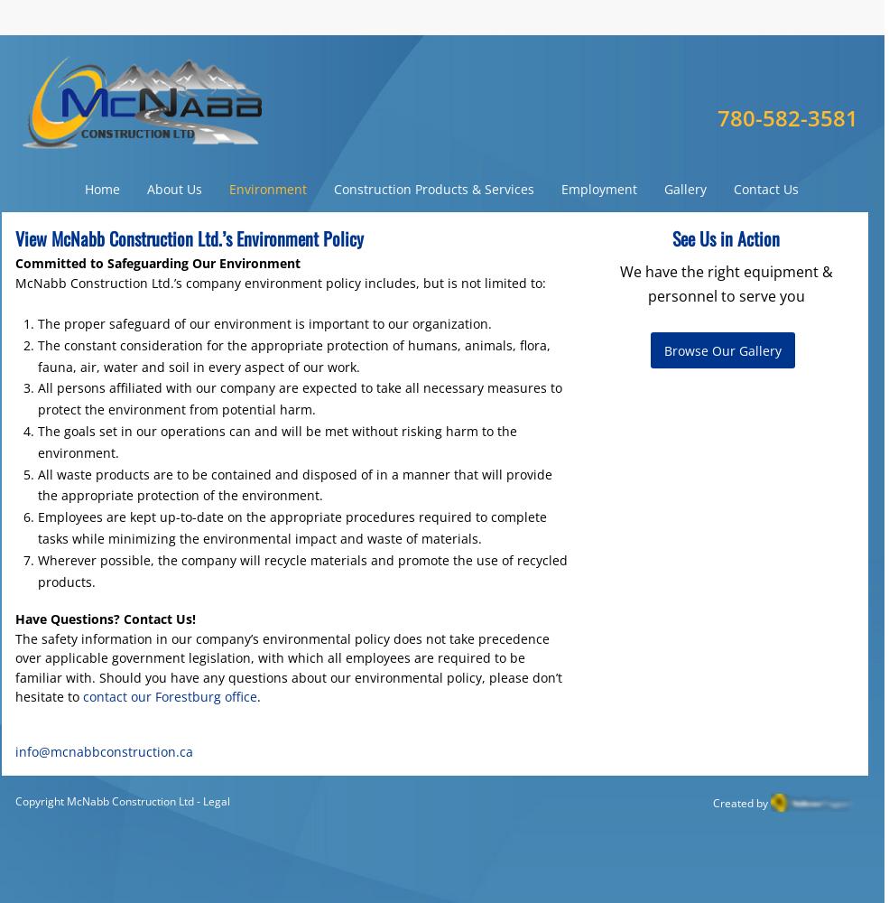 This screenshot has height=903, width=889. What do you see at coordinates (216, 801) in the screenshot?
I see `'Legal'` at bounding box center [216, 801].